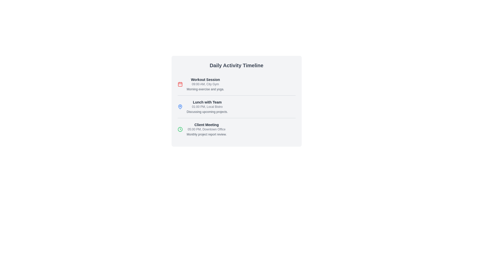  Describe the element at coordinates (206, 129) in the screenshot. I see `the text label providing details about the 'Client Meeting' event, which is positioned below the 'Client Meeting' heading and above the description text 'Monthly project report review.'` at that location.